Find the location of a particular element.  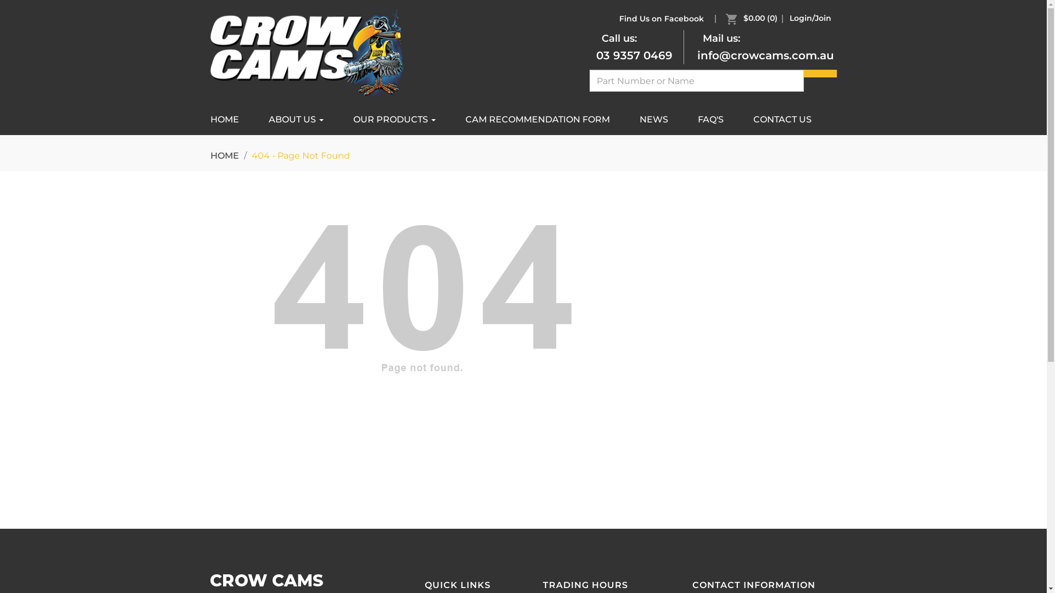

'HOME' is located at coordinates (224, 155).